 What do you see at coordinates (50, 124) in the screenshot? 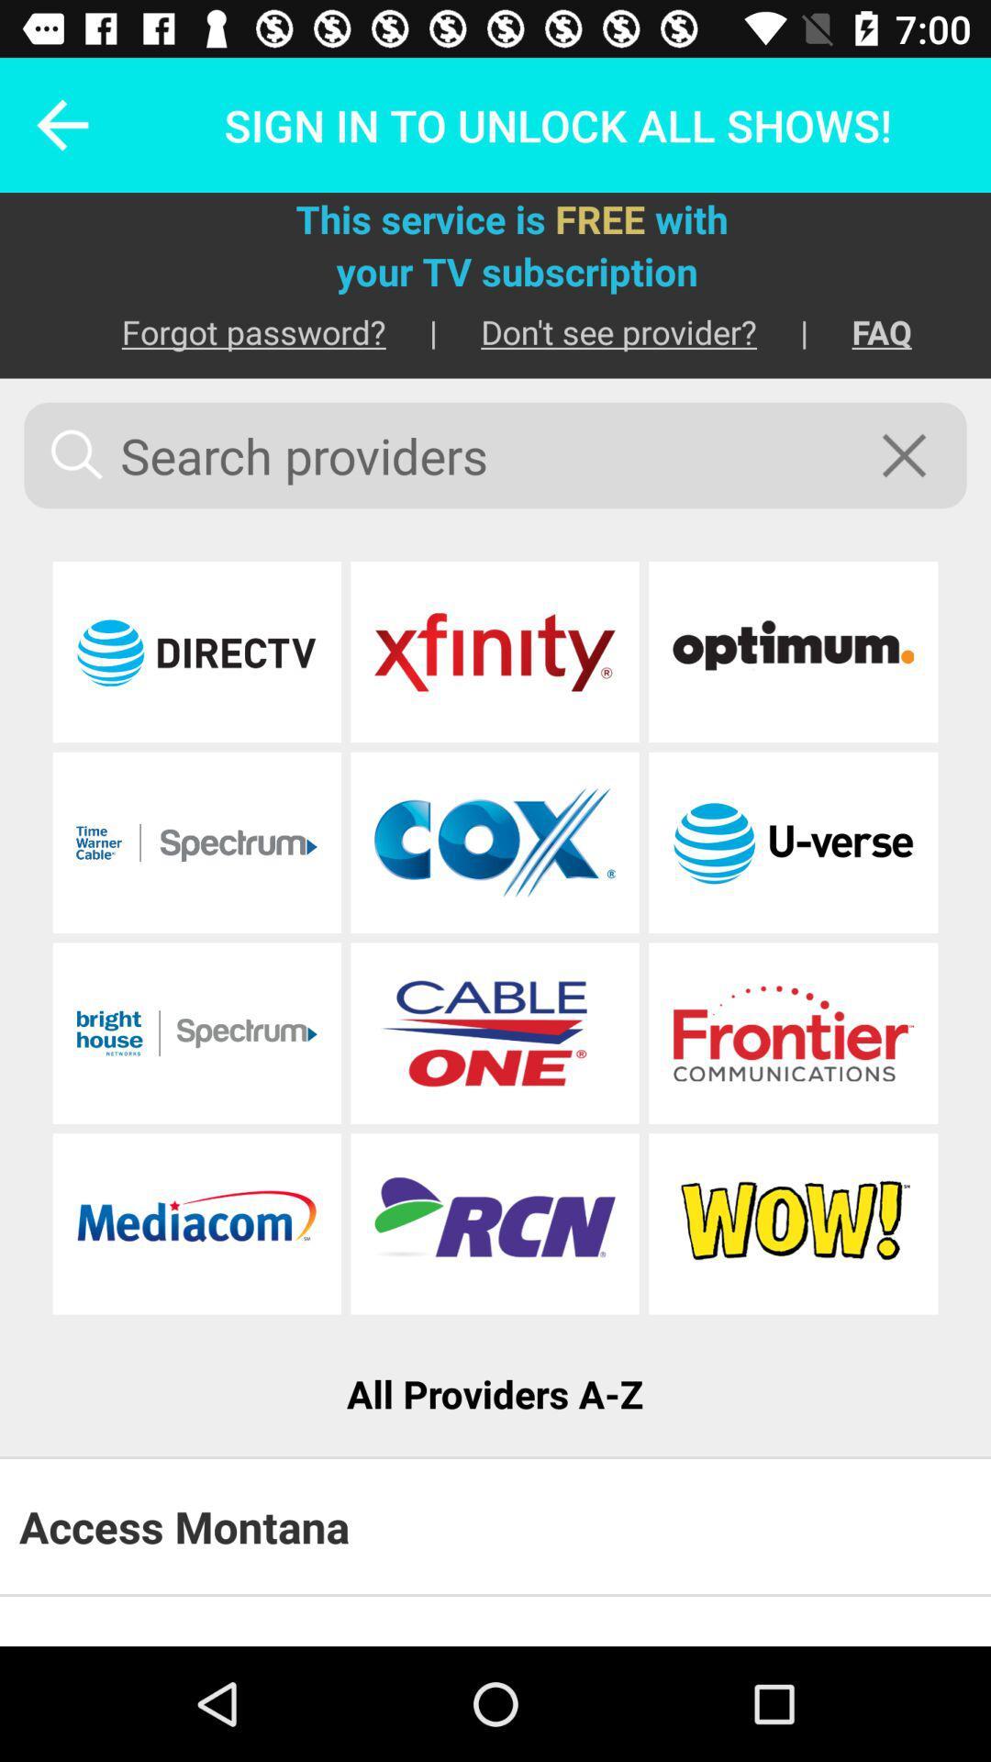
I see `go back` at bounding box center [50, 124].